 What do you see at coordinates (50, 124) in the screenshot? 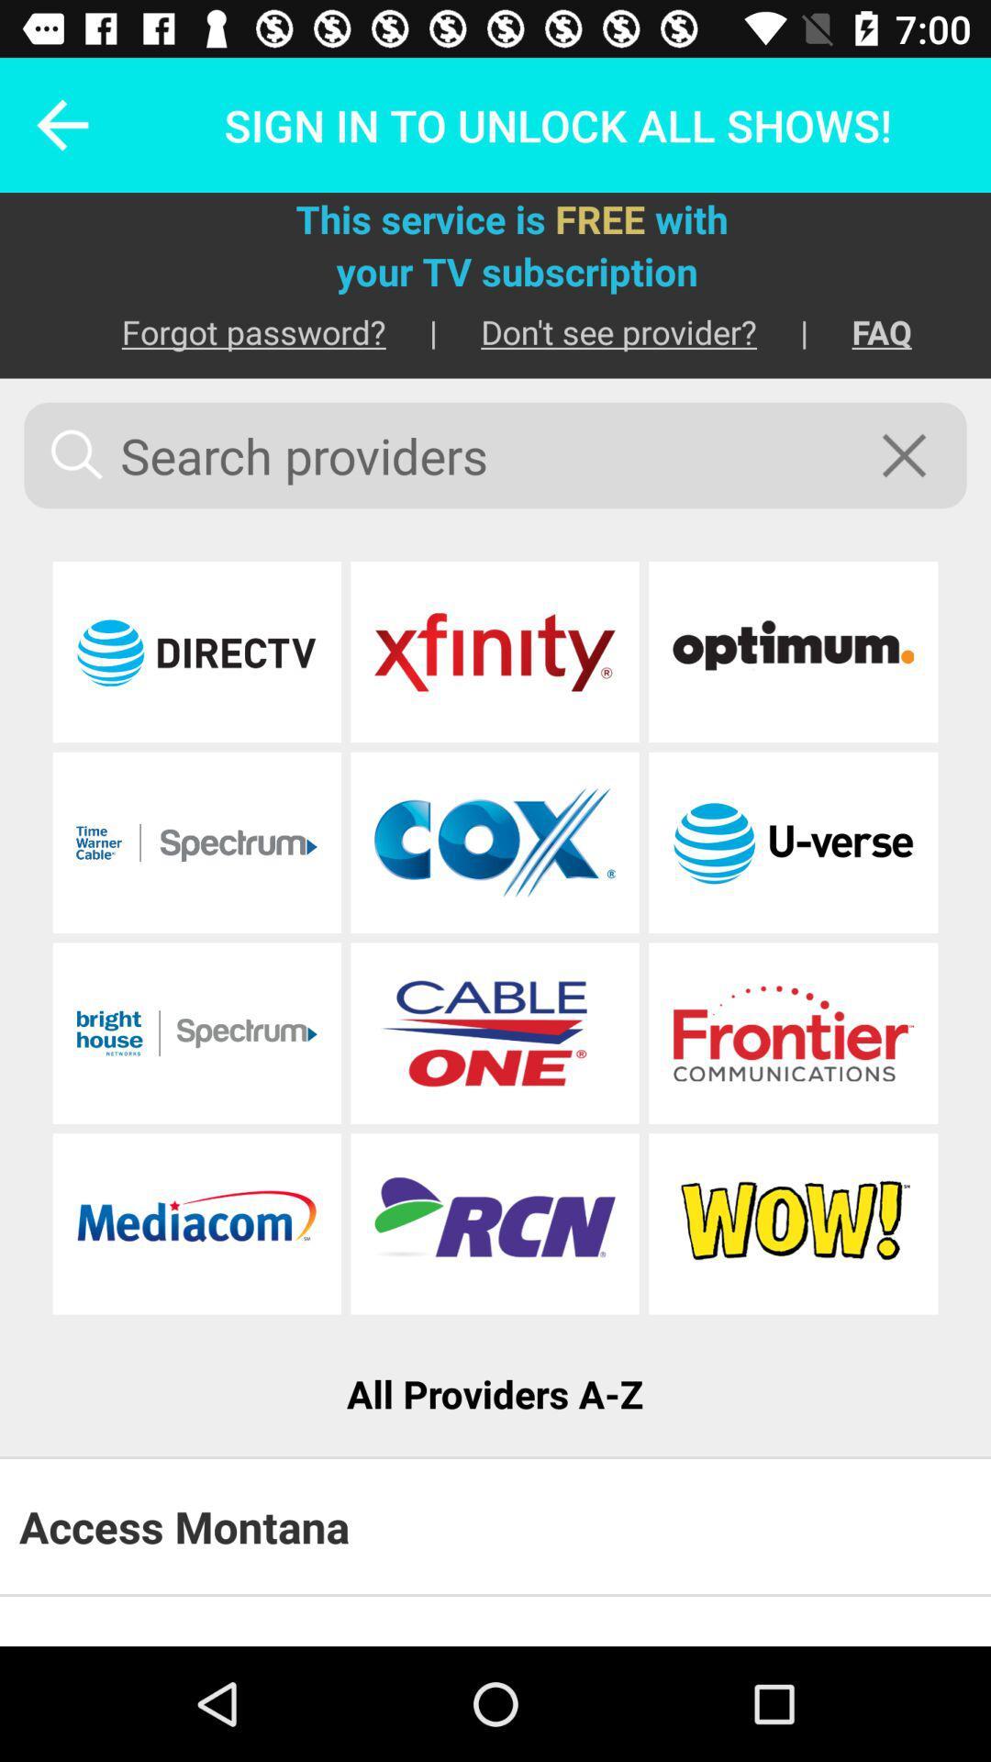
I see `go back` at bounding box center [50, 124].